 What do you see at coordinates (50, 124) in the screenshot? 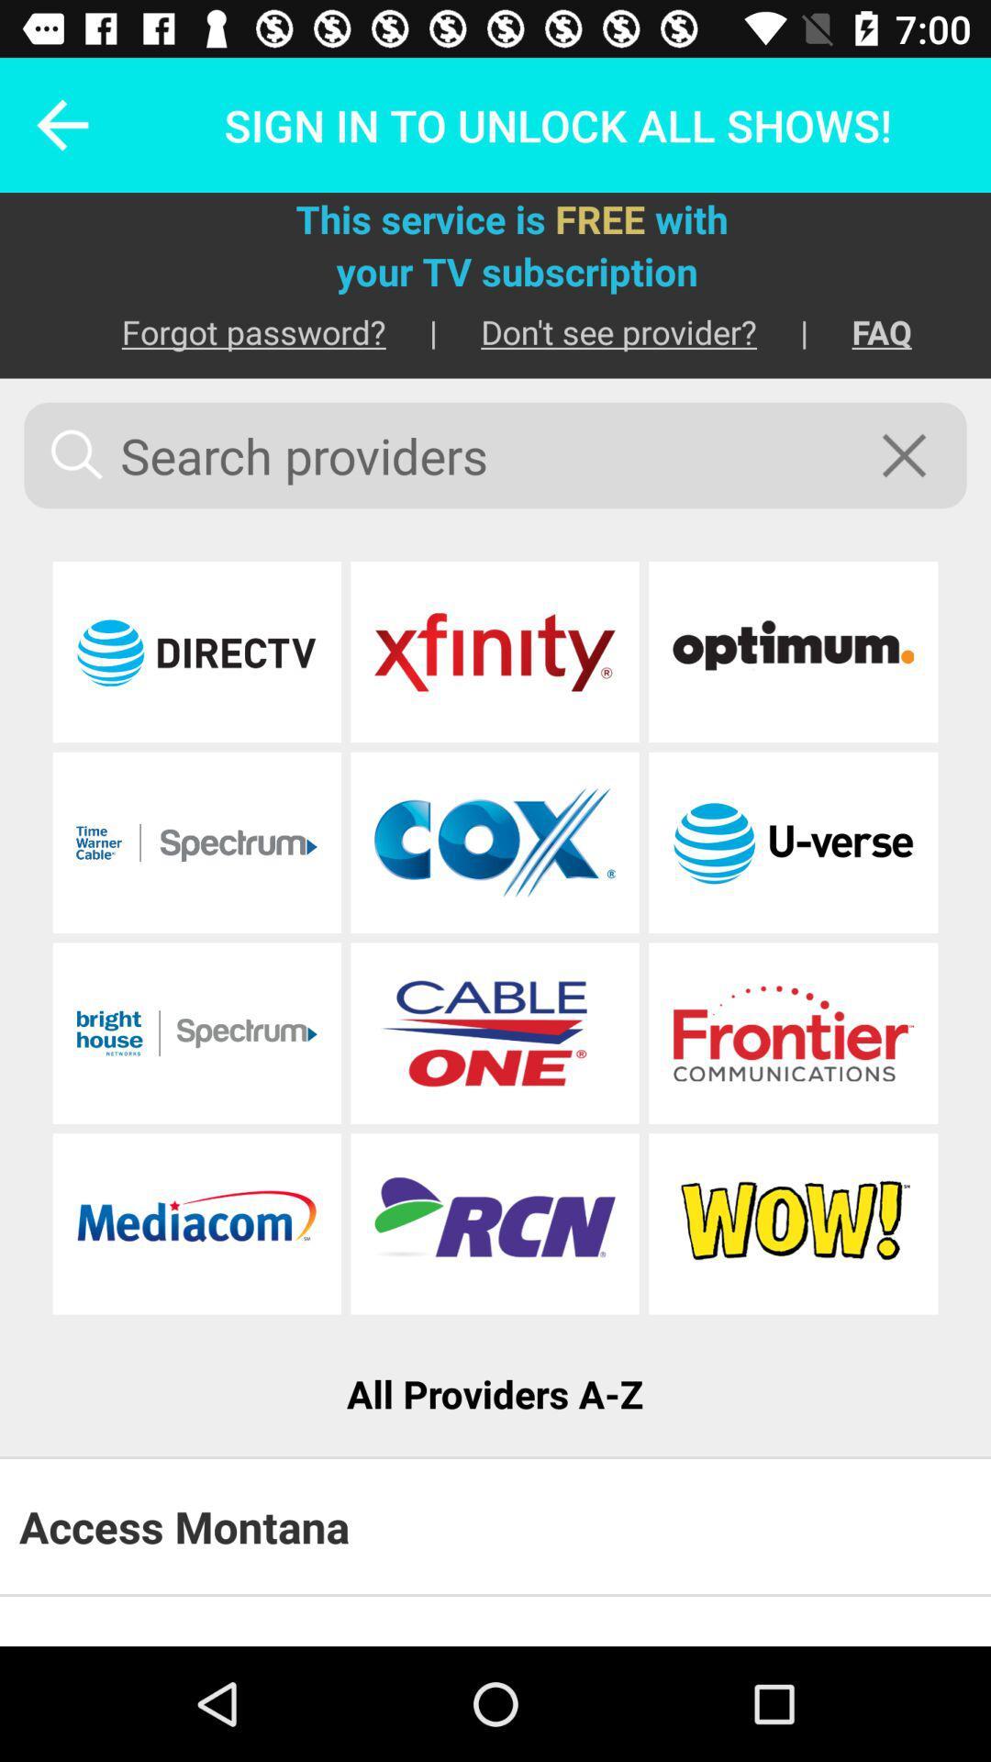
I see `go back` at bounding box center [50, 124].